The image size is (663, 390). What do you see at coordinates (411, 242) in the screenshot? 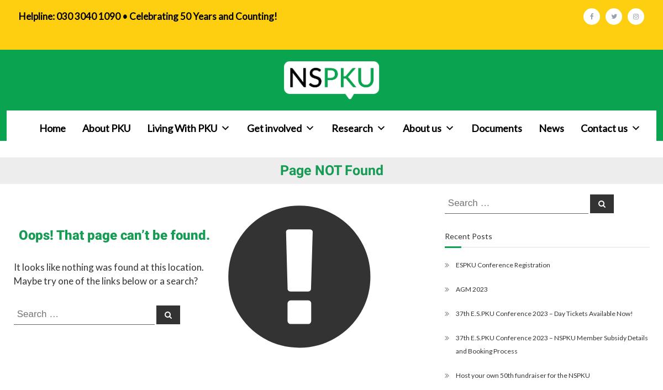
I see `'Grant Fund'` at bounding box center [411, 242].